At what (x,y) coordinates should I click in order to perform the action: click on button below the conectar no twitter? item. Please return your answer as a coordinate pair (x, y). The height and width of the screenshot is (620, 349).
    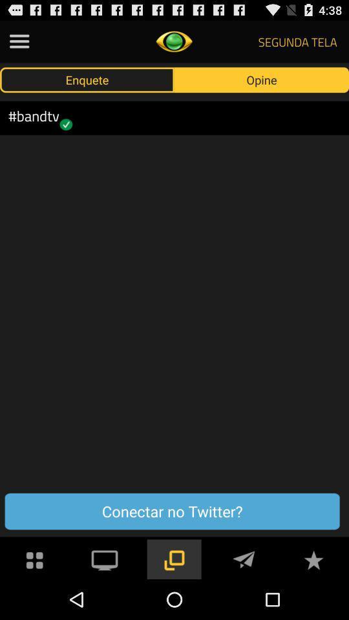
    Looking at the image, I should click on (104, 558).